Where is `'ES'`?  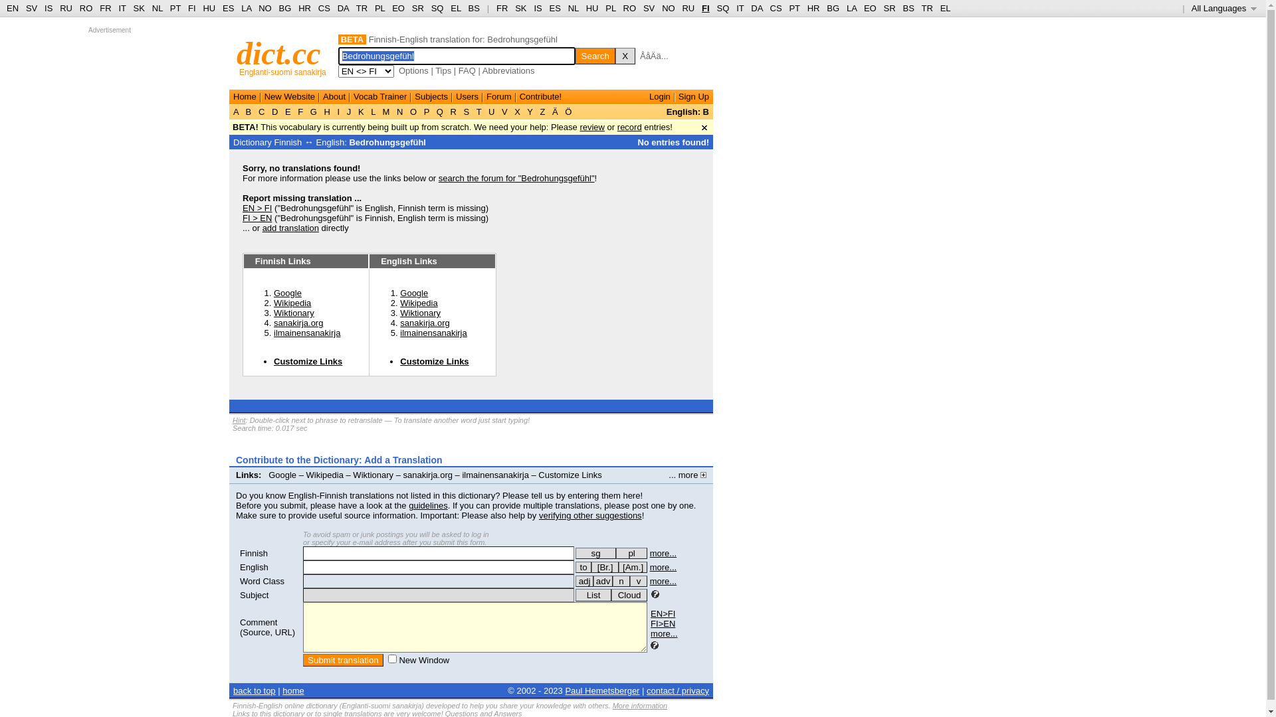
'ES' is located at coordinates (228, 8).